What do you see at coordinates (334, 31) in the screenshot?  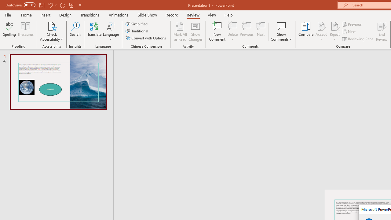 I see `'Reject'` at bounding box center [334, 31].